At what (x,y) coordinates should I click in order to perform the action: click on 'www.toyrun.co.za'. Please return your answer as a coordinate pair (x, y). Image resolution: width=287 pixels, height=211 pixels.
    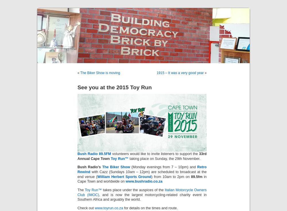
    Looking at the image, I should click on (109, 208).